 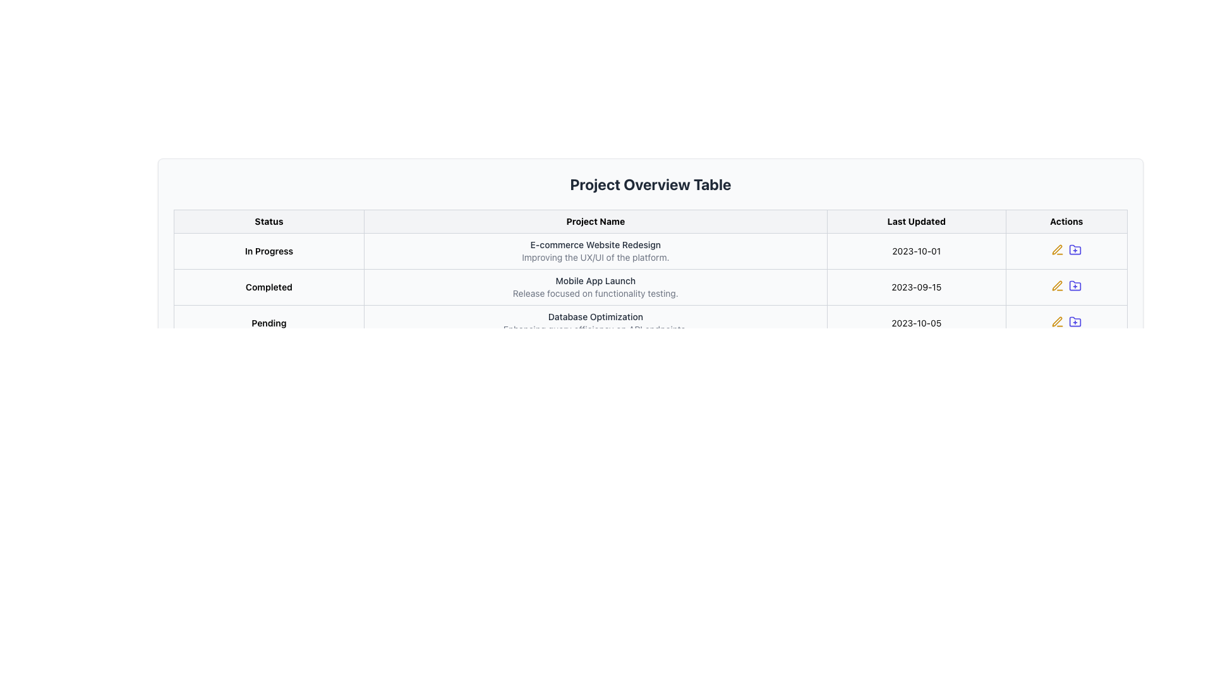 I want to click on the folder icon within the actions column of the table for the 'Mobile App Launch' project, so click(x=1066, y=287).